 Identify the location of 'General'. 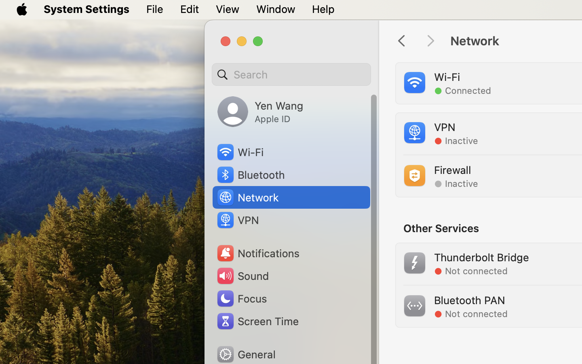
(245, 354).